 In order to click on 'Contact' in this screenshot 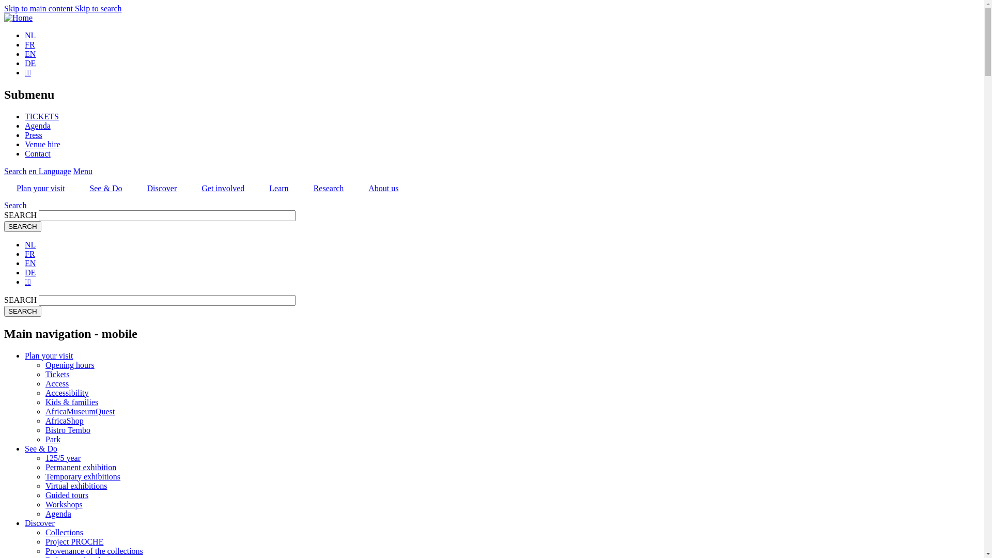, I will do `click(37, 153)`.